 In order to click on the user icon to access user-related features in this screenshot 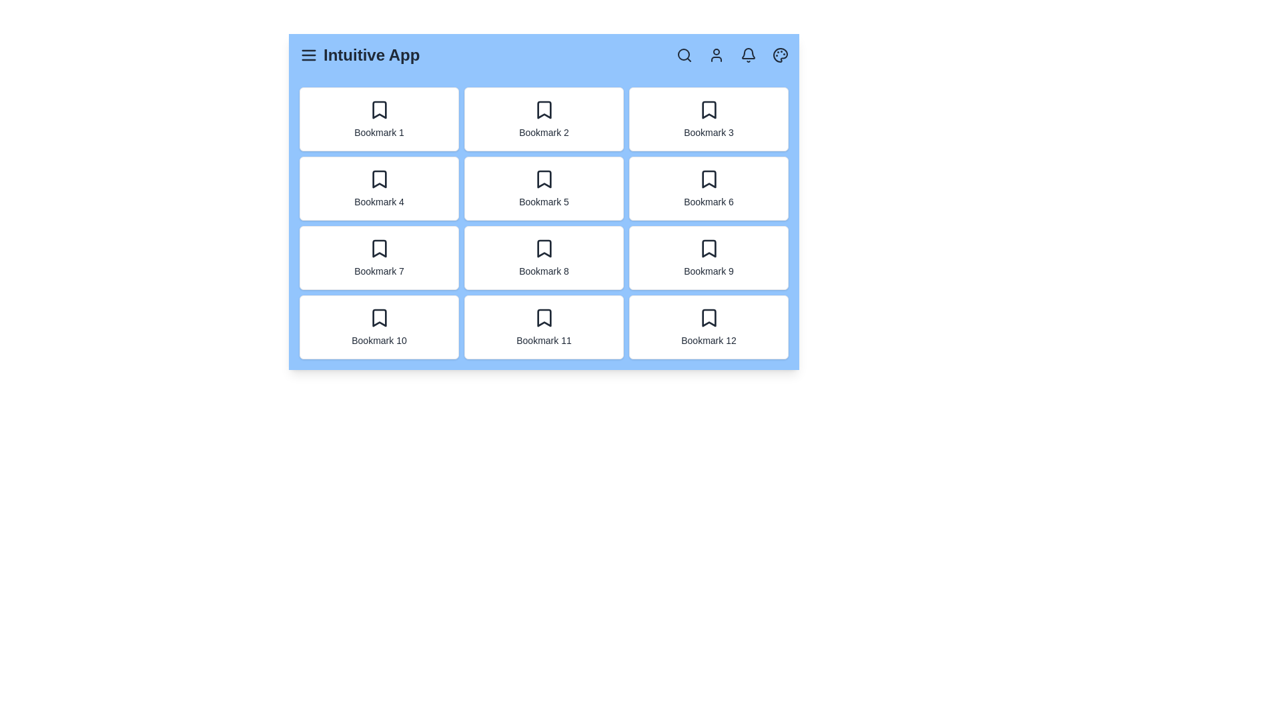, I will do `click(716, 55)`.